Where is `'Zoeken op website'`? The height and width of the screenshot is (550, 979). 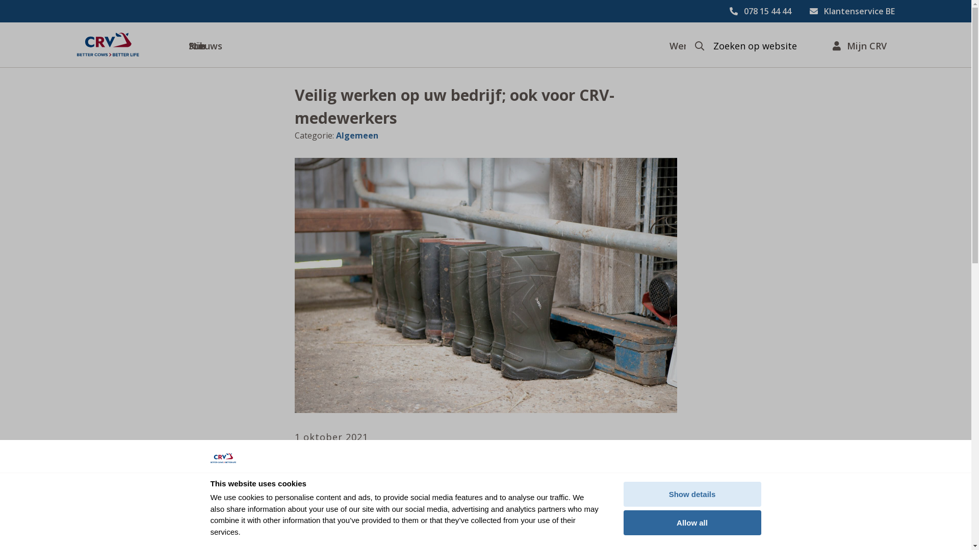 'Zoeken op website' is located at coordinates (709, 46).